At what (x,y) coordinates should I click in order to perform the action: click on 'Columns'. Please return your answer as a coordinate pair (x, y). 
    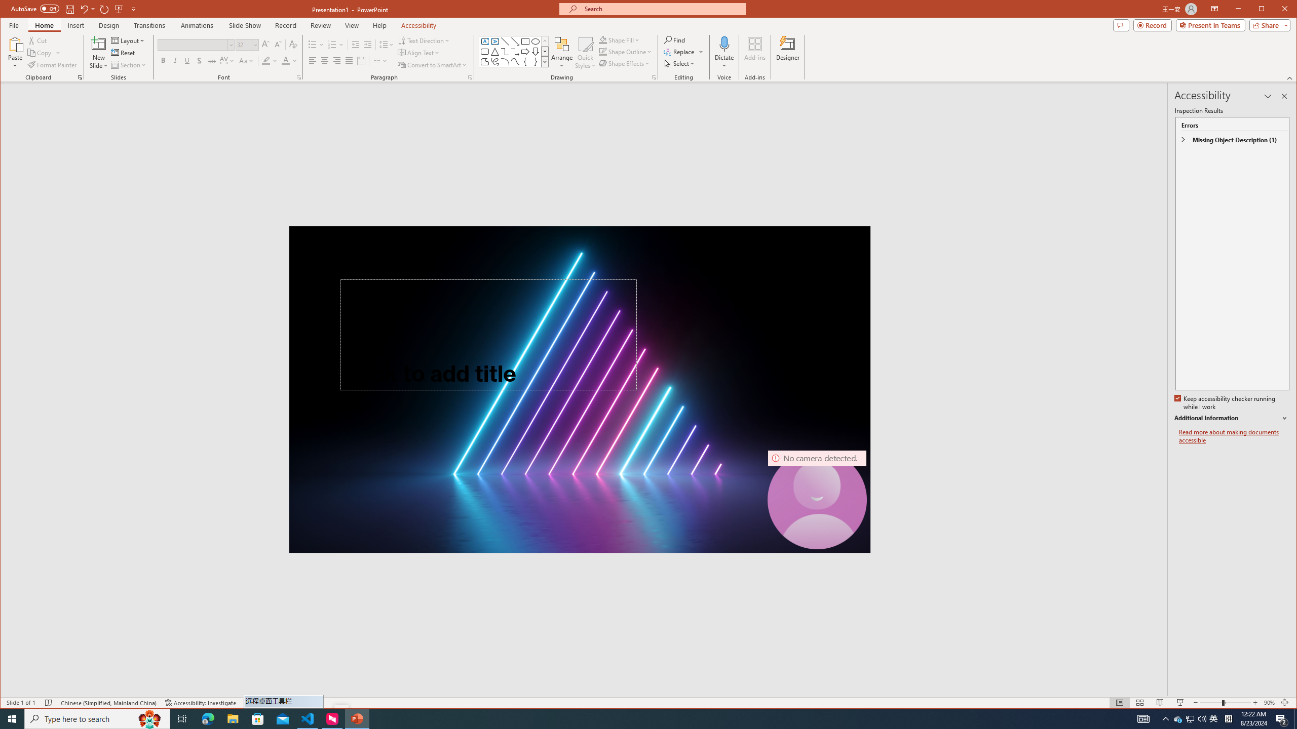
    Looking at the image, I should click on (380, 60).